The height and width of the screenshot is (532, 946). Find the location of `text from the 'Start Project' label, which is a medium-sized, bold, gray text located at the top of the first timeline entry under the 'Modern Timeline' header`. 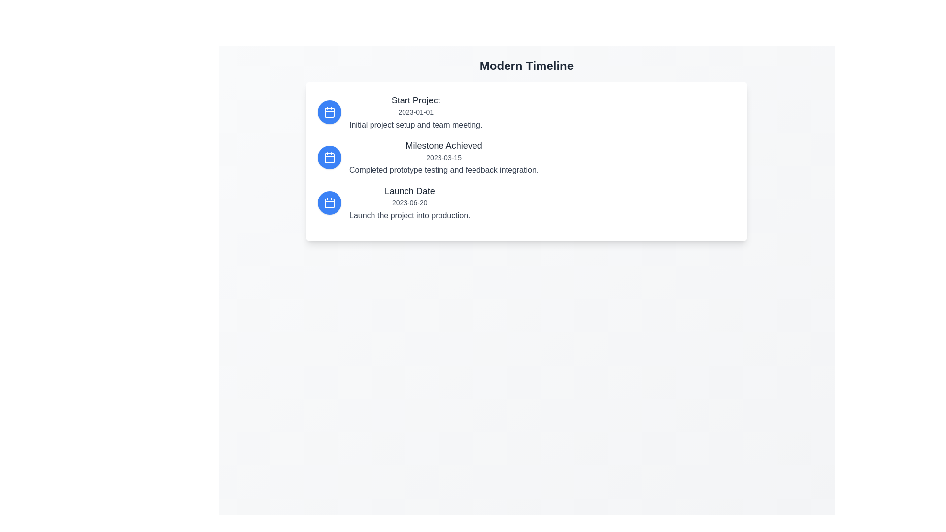

text from the 'Start Project' label, which is a medium-sized, bold, gray text located at the top of the first timeline entry under the 'Modern Timeline' header is located at coordinates (416, 100).